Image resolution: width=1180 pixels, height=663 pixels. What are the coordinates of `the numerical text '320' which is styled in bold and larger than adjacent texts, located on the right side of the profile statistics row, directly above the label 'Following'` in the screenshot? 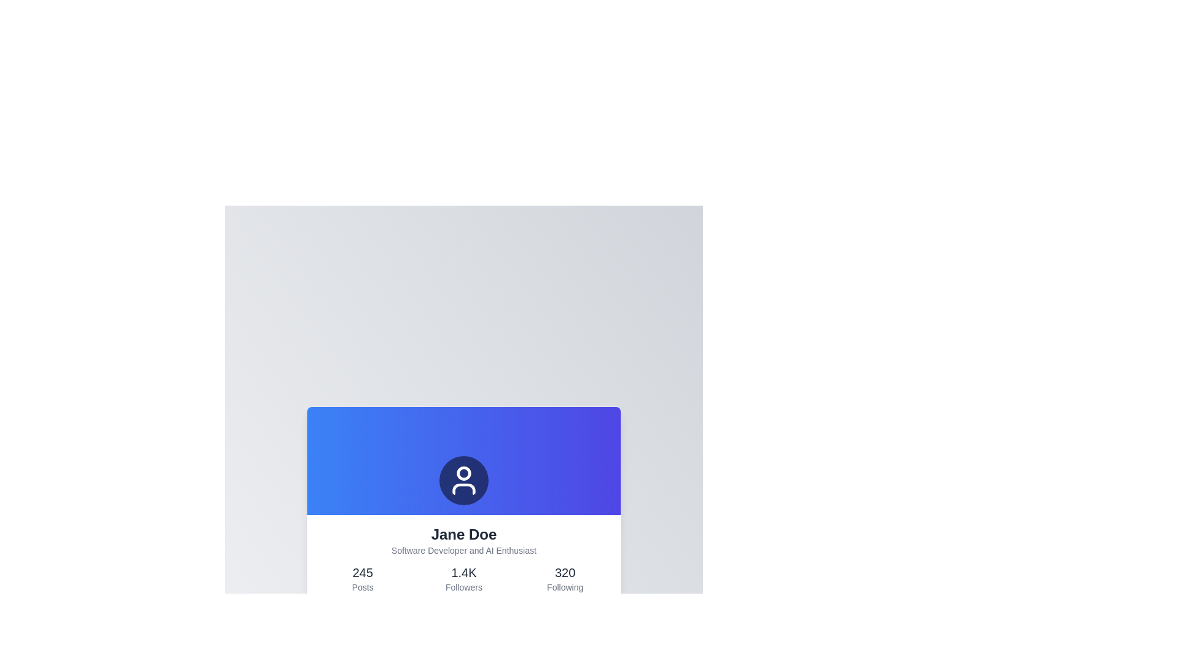 It's located at (564, 573).